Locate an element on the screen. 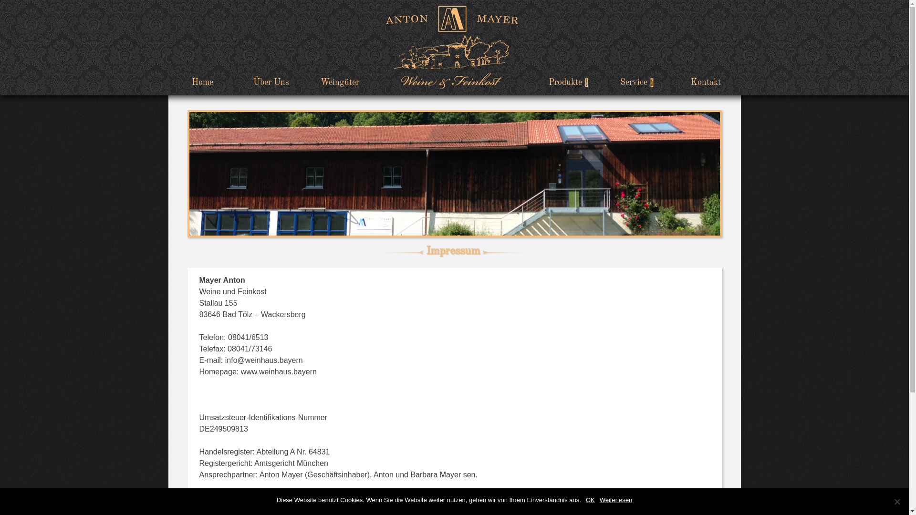 The width and height of the screenshot is (916, 515). 'Nein' is located at coordinates (896, 501).